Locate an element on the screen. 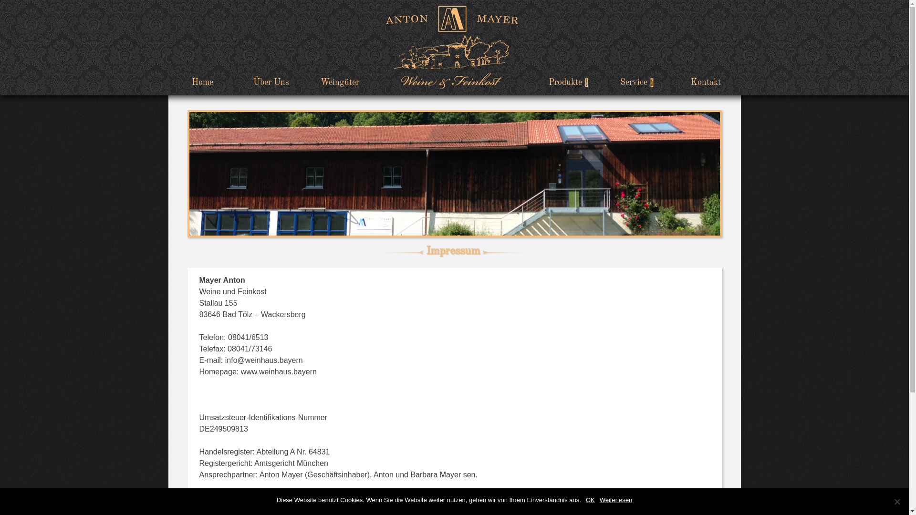 The width and height of the screenshot is (916, 515). 'Nein' is located at coordinates (896, 501).